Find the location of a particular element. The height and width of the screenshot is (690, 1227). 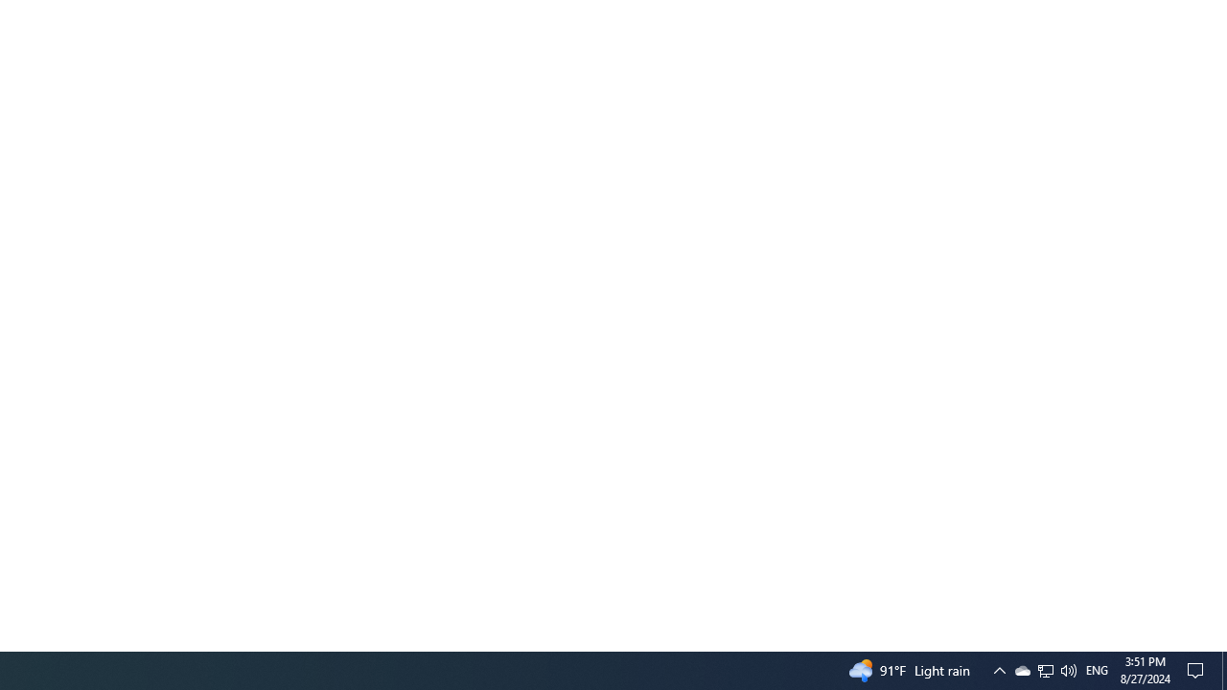

'Show desktop' is located at coordinates (1223, 669).